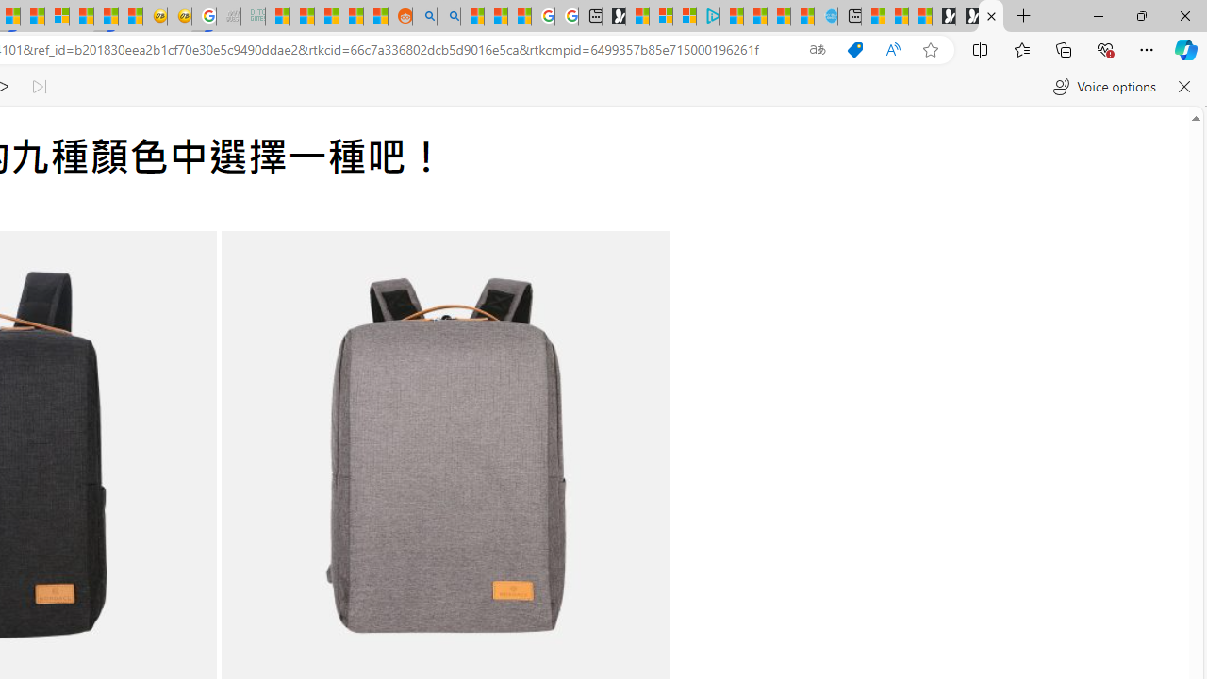  I want to click on 'Close read aloud', so click(1182, 87).